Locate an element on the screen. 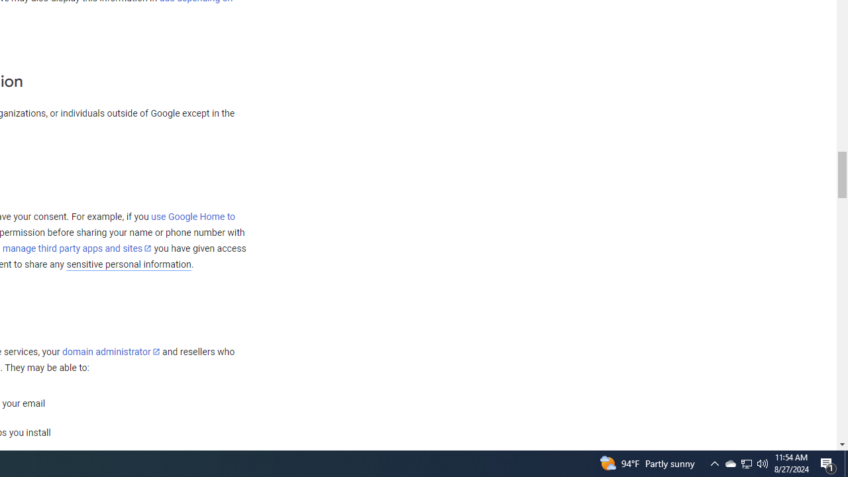  'domain administrator' is located at coordinates (111, 351).